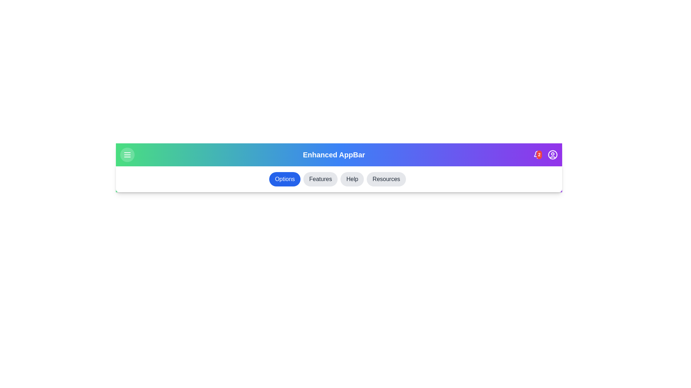 Image resolution: width=691 pixels, height=388 pixels. I want to click on the user profile icon, so click(552, 154).